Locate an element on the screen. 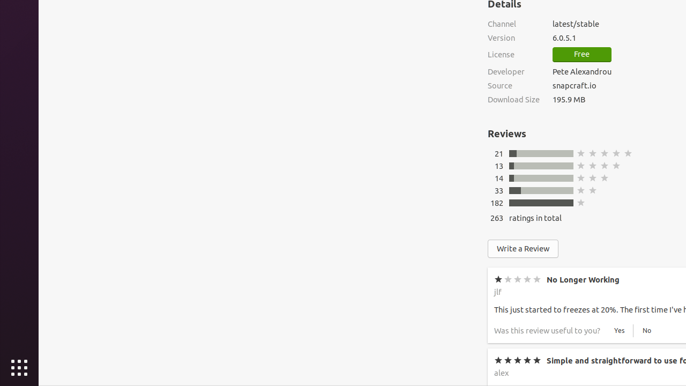 This screenshot has height=386, width=686. 'Source' is located at coordinates (513, 85).